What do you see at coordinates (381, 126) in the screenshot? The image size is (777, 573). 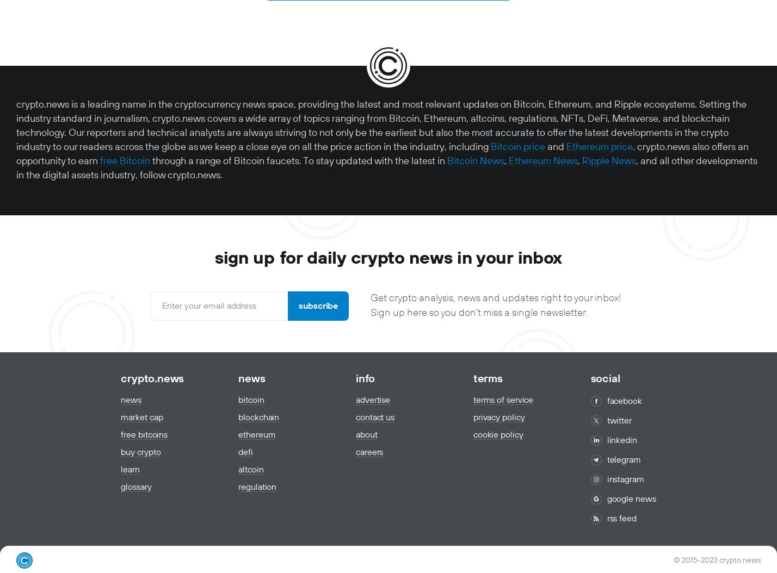 I see `'crypto.news is a leading name in the cryptocurrency news space, providing the latest and most relevant updates on Bitcoin, Ethereum, and Ripple ecosystems. Setting the industry standard in journalism, crypto.news covers a wide array of topics ranging from Bitcoin, Ethereum, altcoins, regulations, NFTs, DeFi, Metaverse, and blockchain technology. Our reporters and technical analysts are always striving to not only be the earliest but also the most accurate to offer the latest developments in the crypto industry to our readers across the globe as we keep a close eye on all the price action in the industry, including'` at bounding box center [381, 126].